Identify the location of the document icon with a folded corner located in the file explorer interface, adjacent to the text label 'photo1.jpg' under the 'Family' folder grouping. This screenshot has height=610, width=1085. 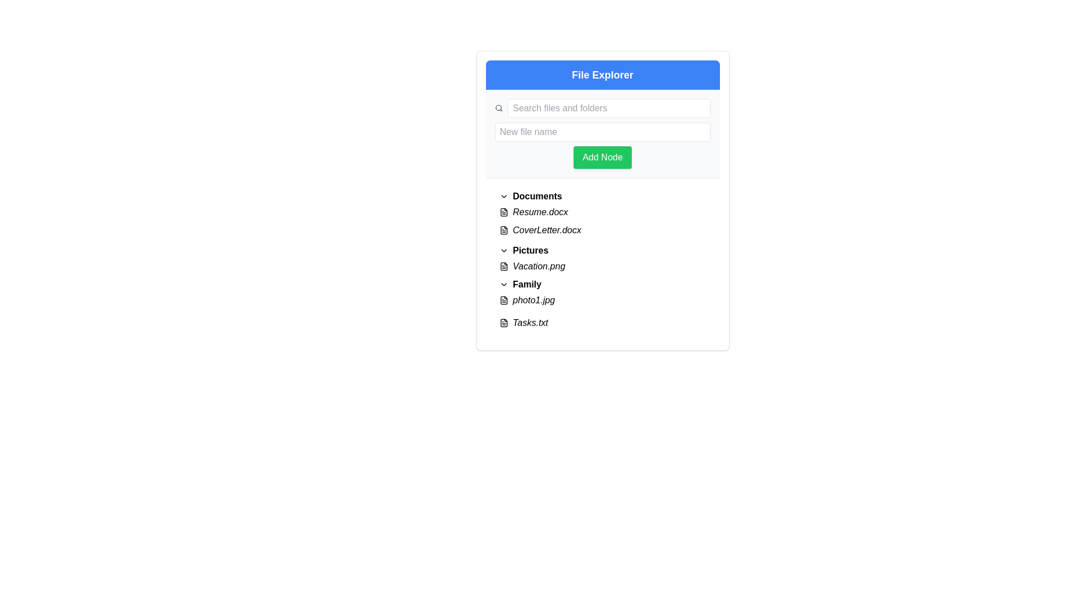
(503, 300).